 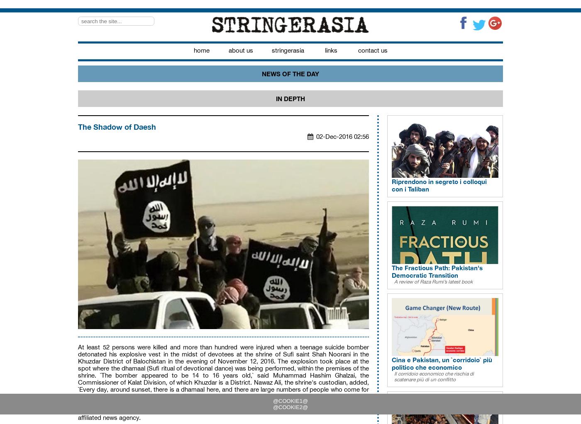 I want to click on '@COOKIE1@', so click(x=273, y=401).